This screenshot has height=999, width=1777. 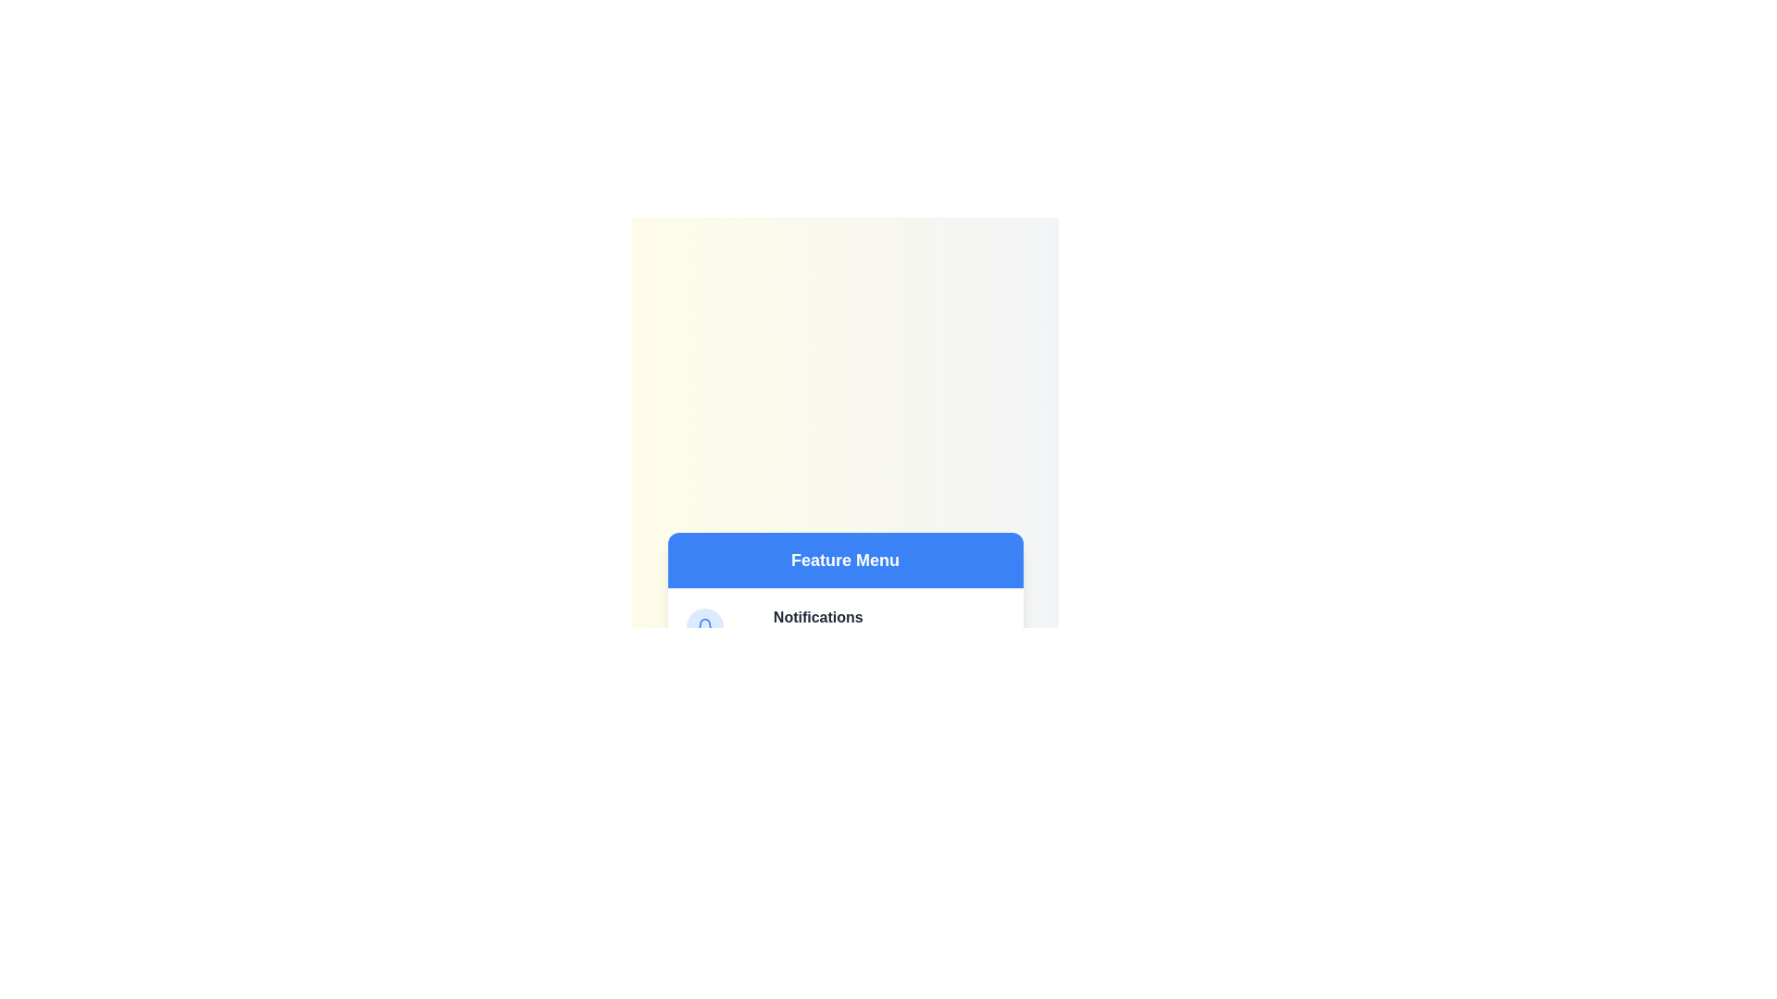 What do you see at coordinates (703, 625) in the screenshot?
I see `the icon for Notifications menu item` at bounding box center [703, 625].